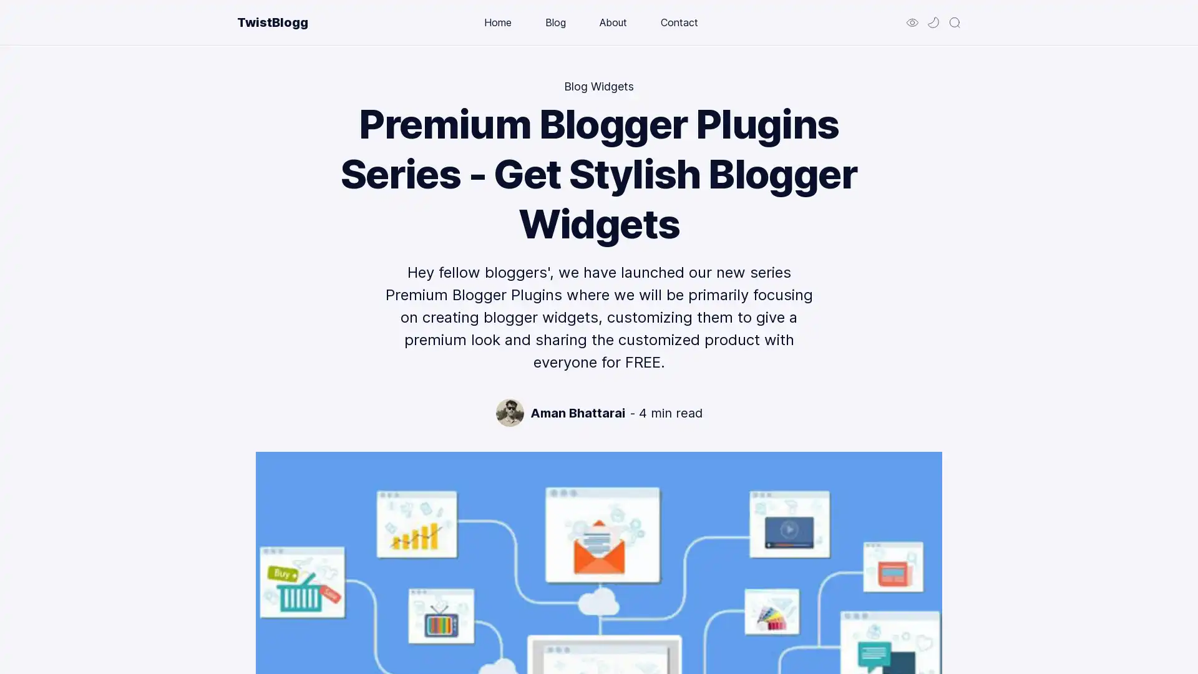 Image resolution: width=1198 pixels, height=674 pixels. I want to click on Readmode, so click(912, 22).